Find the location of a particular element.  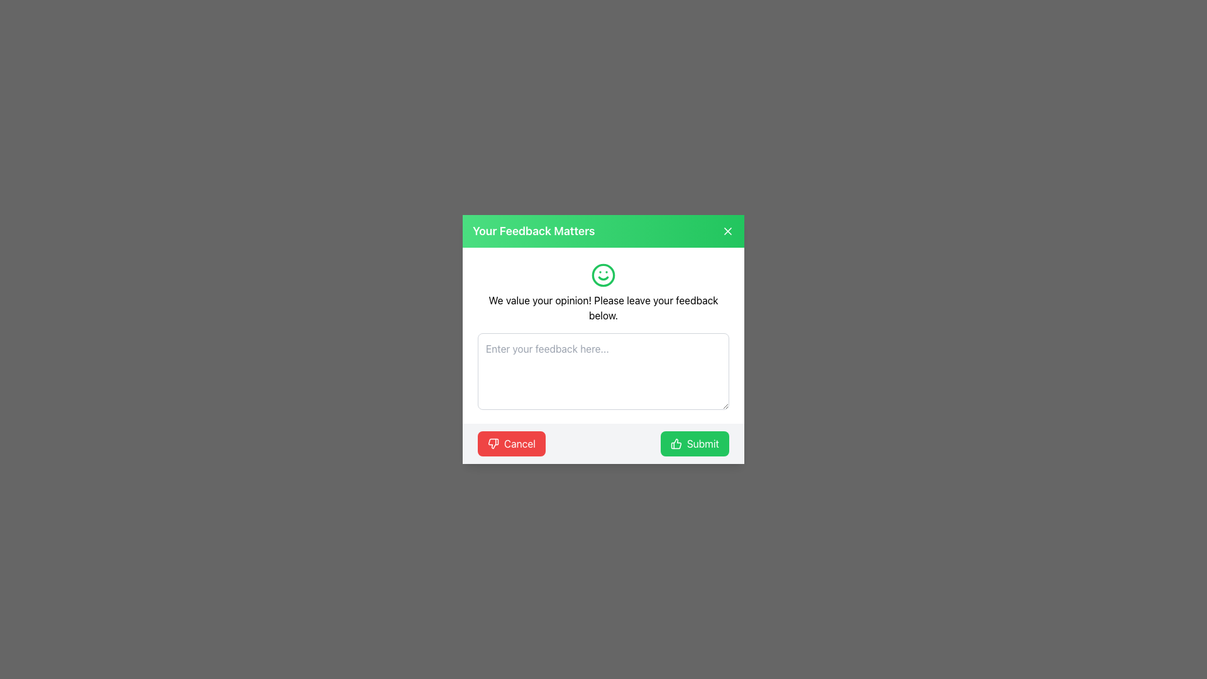

the small button with an 'X' icon, which has a green background and is located in the top-right corner of the header bar labeled 'Your Feedback Matters' is located at coordinates (727, 231).